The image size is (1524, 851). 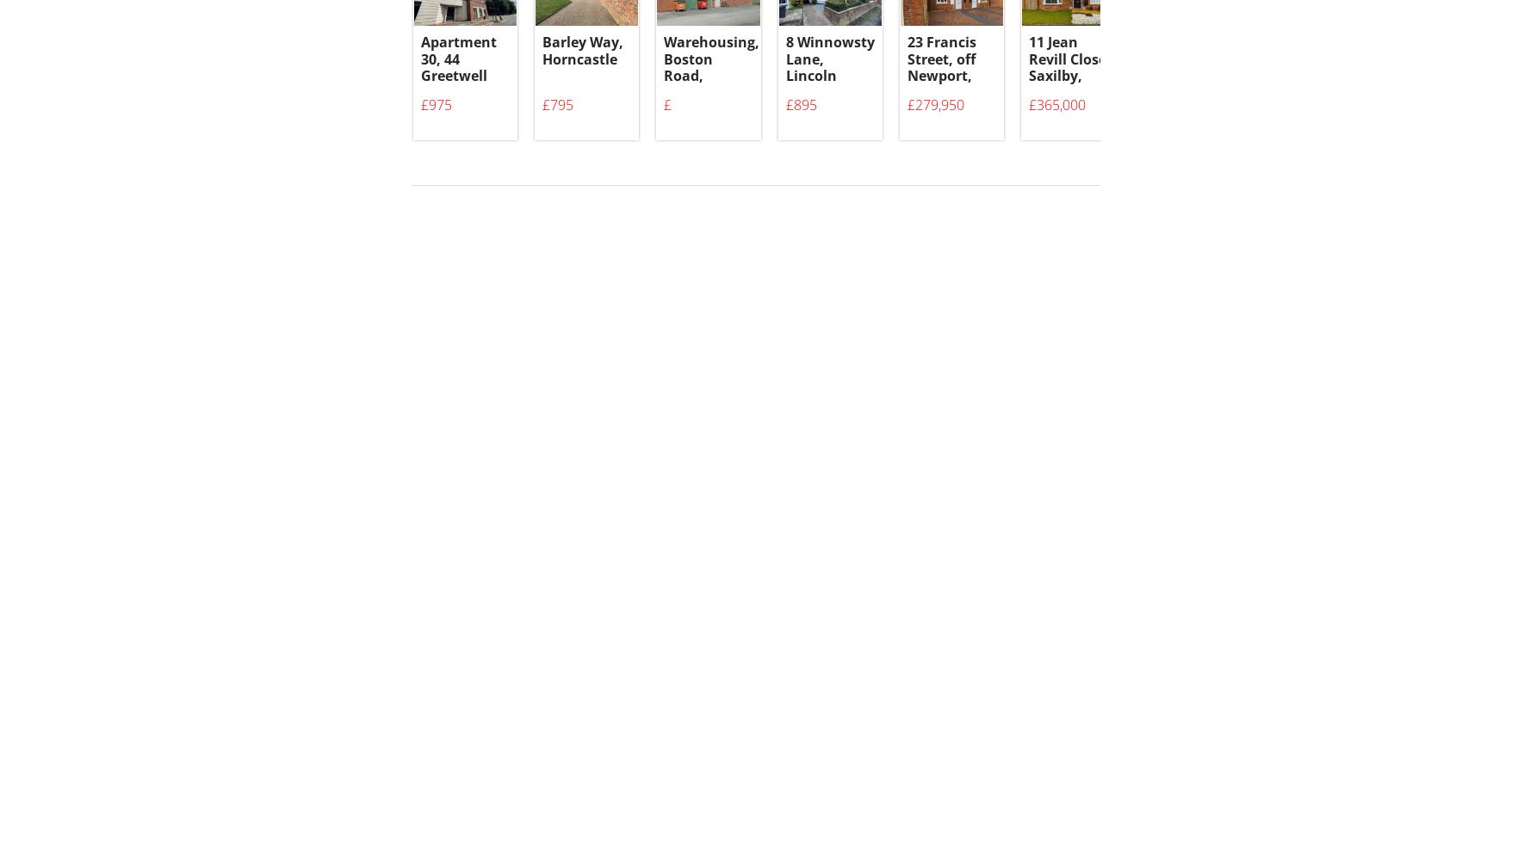 What do you see at coordinates (436, 114) in the screenshot?
I see `'£975'` at bounding box center [436, 114].